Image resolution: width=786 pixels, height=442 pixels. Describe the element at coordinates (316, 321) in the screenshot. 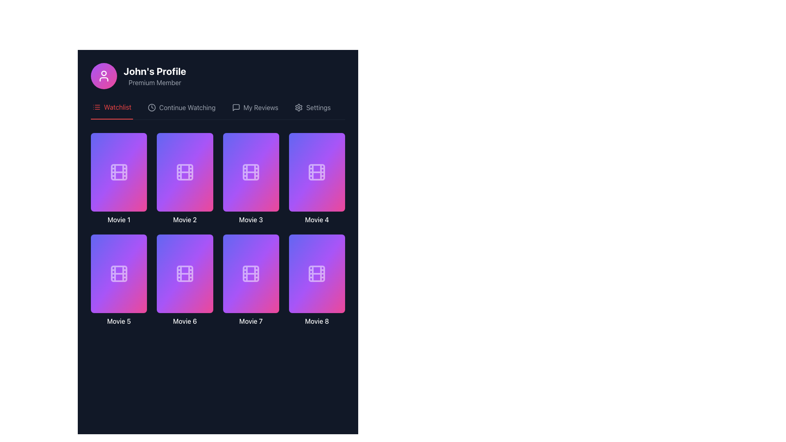

I see `the text element displaying 'Movie 8' in white font, which is positioned below the eighth item in a grid of movie thumbnails` at that location.